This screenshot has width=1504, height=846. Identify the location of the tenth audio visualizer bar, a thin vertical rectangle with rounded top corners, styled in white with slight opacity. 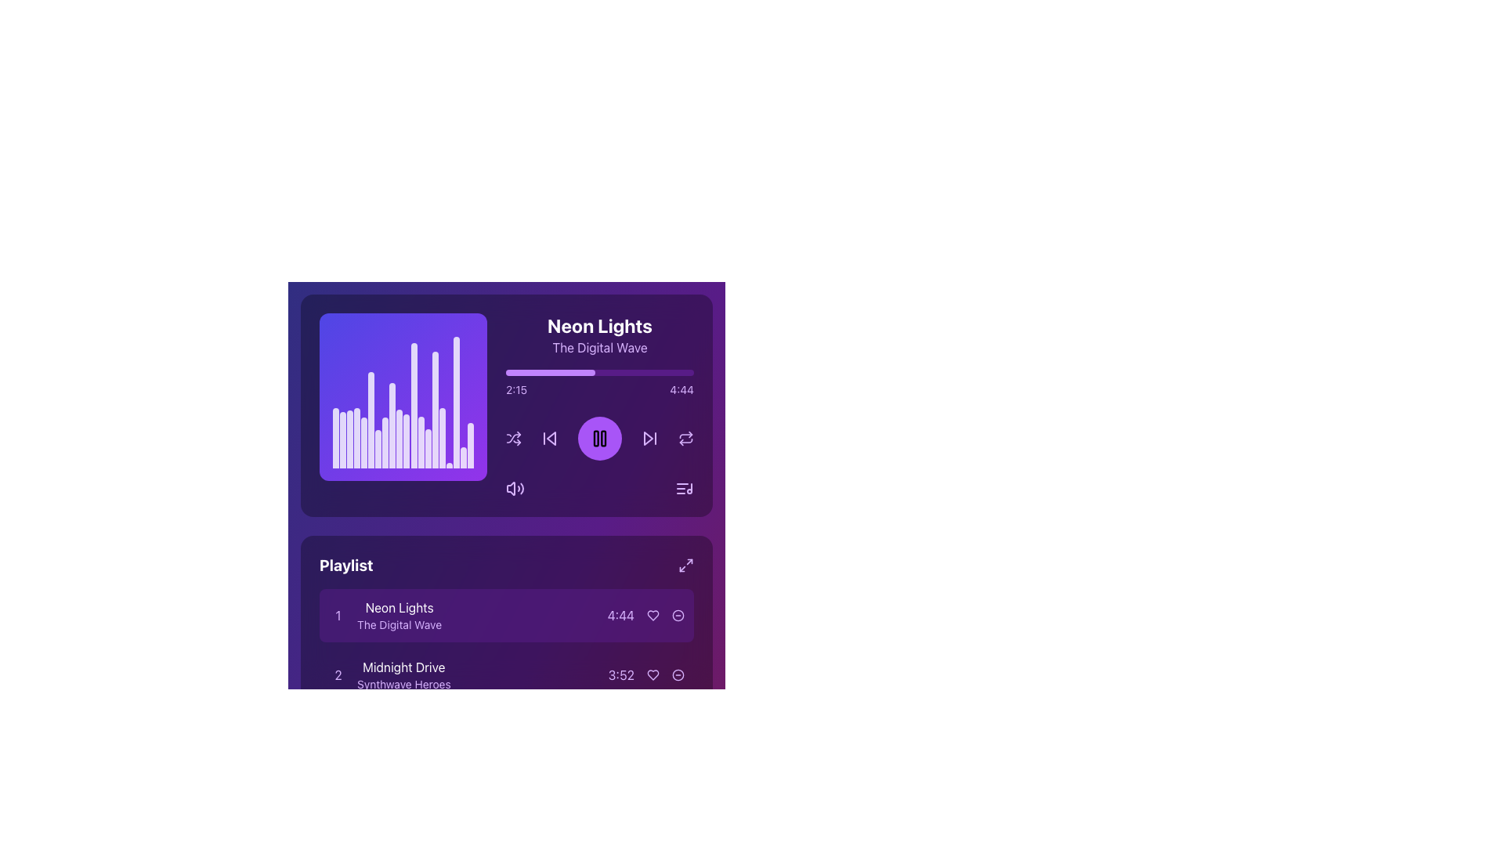
(399, 439).